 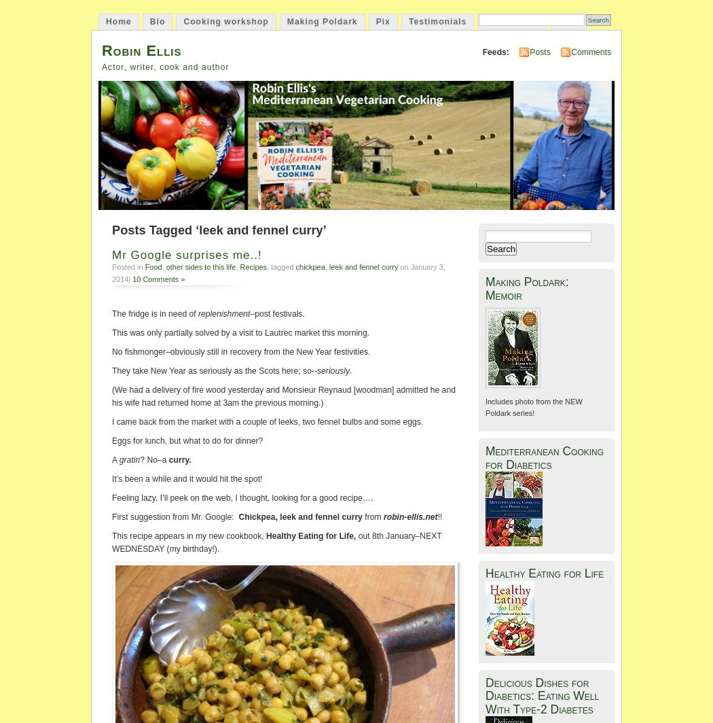 What do you see at coordinates (240, 332) in the screenshot?
I see `'This was only partially solved by a visit to Lautrec market this morning.'` at bounding box center [240, 332].